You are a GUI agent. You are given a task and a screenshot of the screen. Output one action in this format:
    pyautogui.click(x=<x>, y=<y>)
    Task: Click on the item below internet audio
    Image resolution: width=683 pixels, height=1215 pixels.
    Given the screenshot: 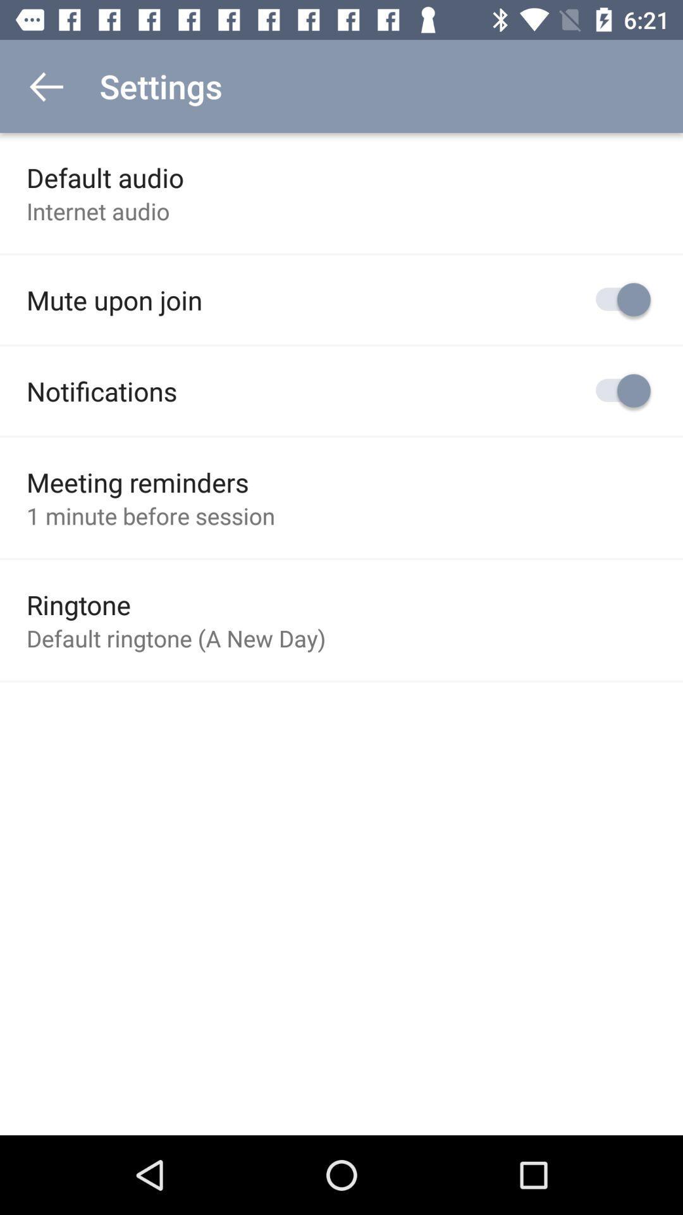 What is the action you would take?
    pyautogui.click(x=114, y=299)
    